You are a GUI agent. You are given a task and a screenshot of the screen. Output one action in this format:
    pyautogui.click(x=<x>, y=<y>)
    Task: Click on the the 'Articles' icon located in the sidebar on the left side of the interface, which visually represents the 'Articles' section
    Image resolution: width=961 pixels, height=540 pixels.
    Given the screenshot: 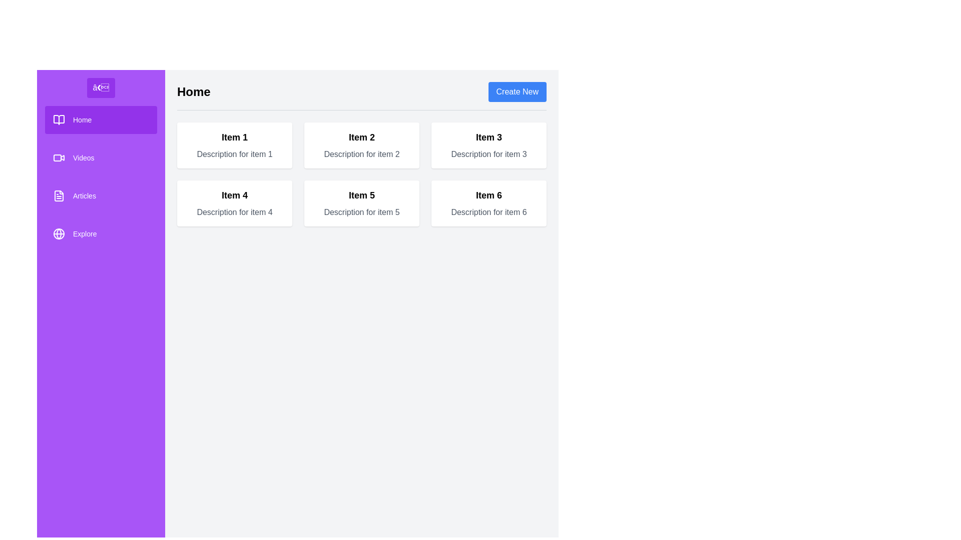 What is the action you would take?
    pyautogui.click(x=59, y=196)
    